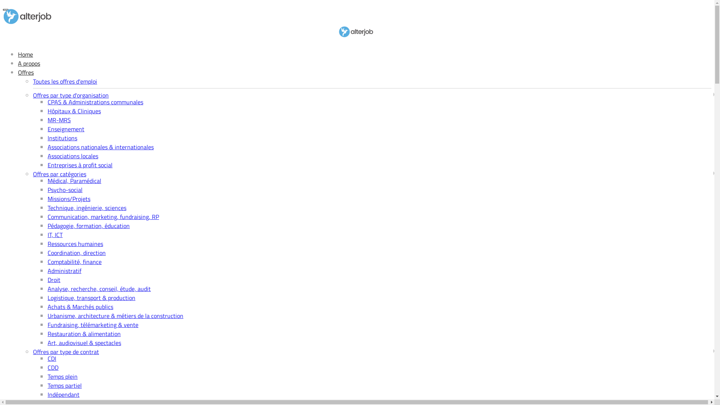 This screenshot has width=720, height=405. What do you see at coordinates (55, 234) in the screenshot?
I see `'IT, ICT'` at bounding box center [55, 234].